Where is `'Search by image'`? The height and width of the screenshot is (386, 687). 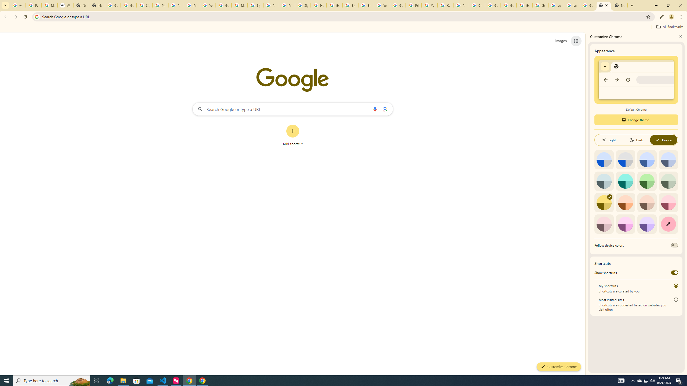
'Search by image' is located at coordinates (385, 109).